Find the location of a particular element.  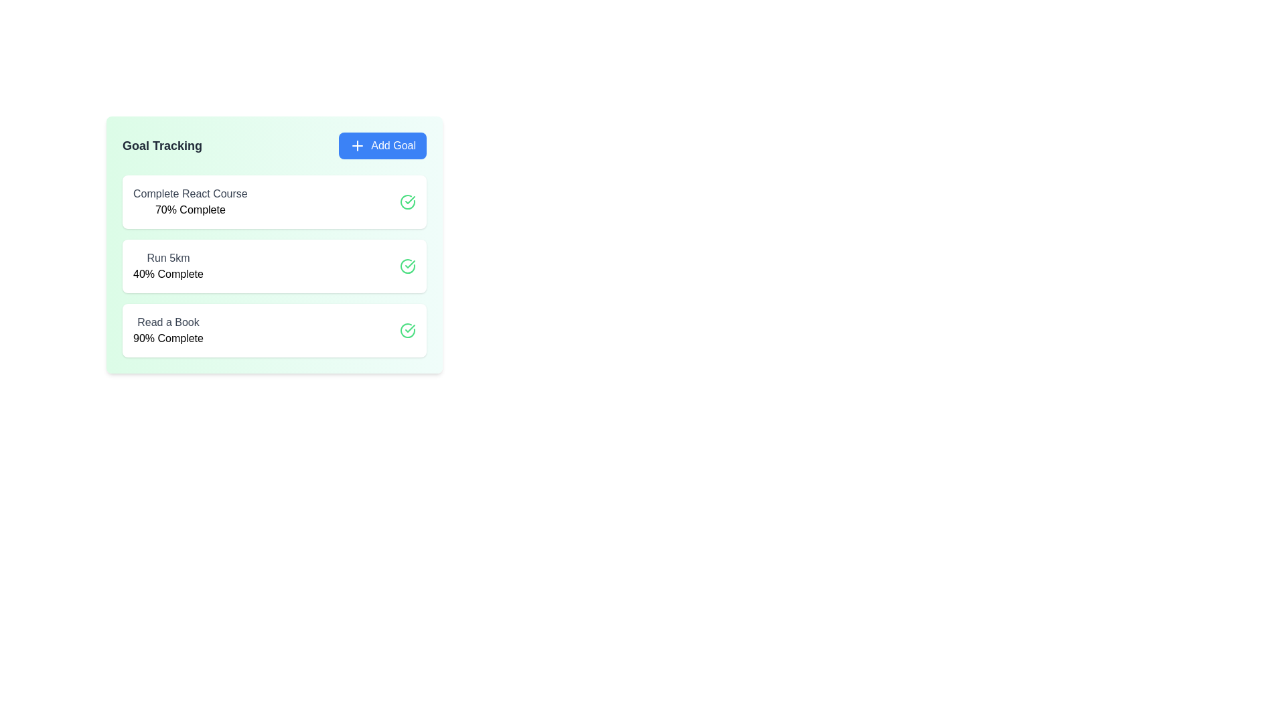

the plus sign icon inside the blue 'Add Goal' button located at the top-right corner of the goal tracking area is located at coordinates (358, 146).